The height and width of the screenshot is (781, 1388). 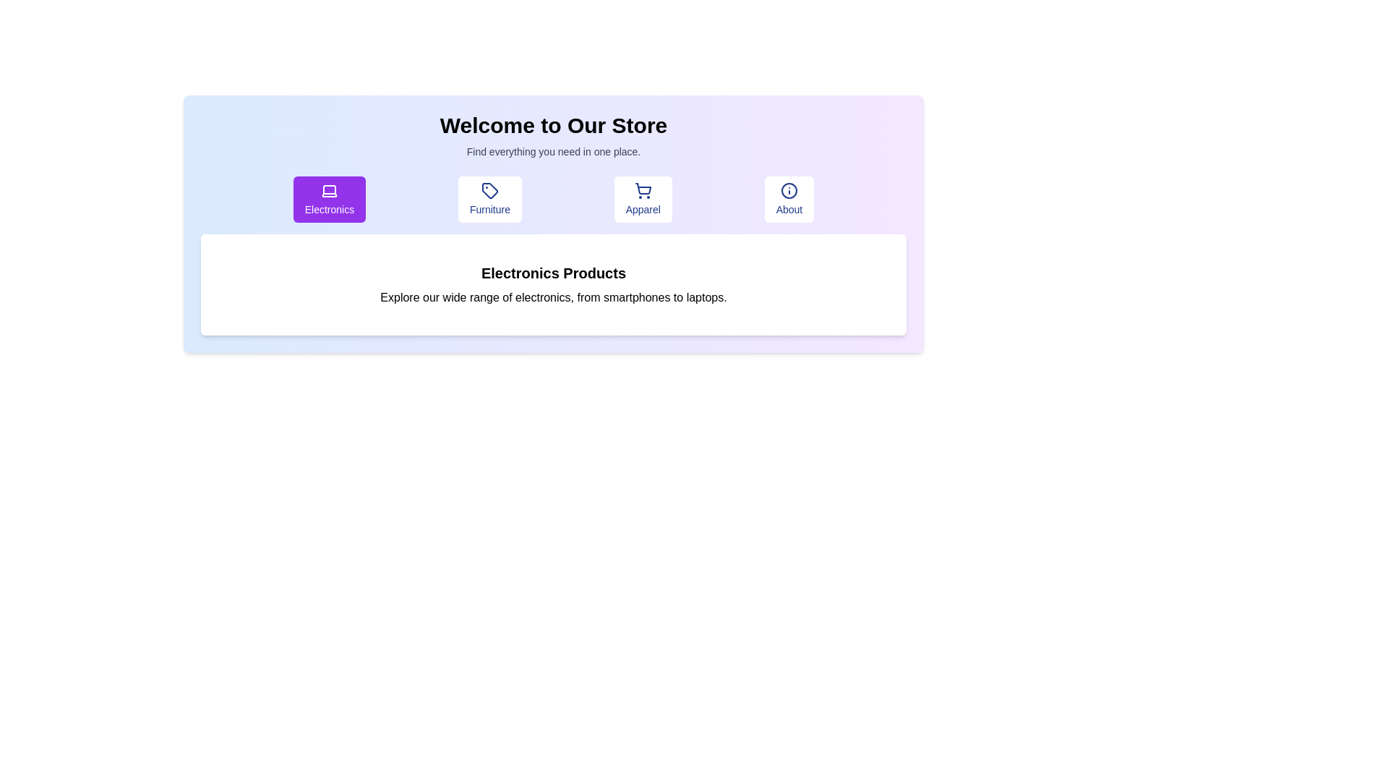 I want to click on the tag-shaped SVG icon located within the category options panel, positioned between the 'Electronics' and 'Apparel' category buttons, so click(x=489, y=189).